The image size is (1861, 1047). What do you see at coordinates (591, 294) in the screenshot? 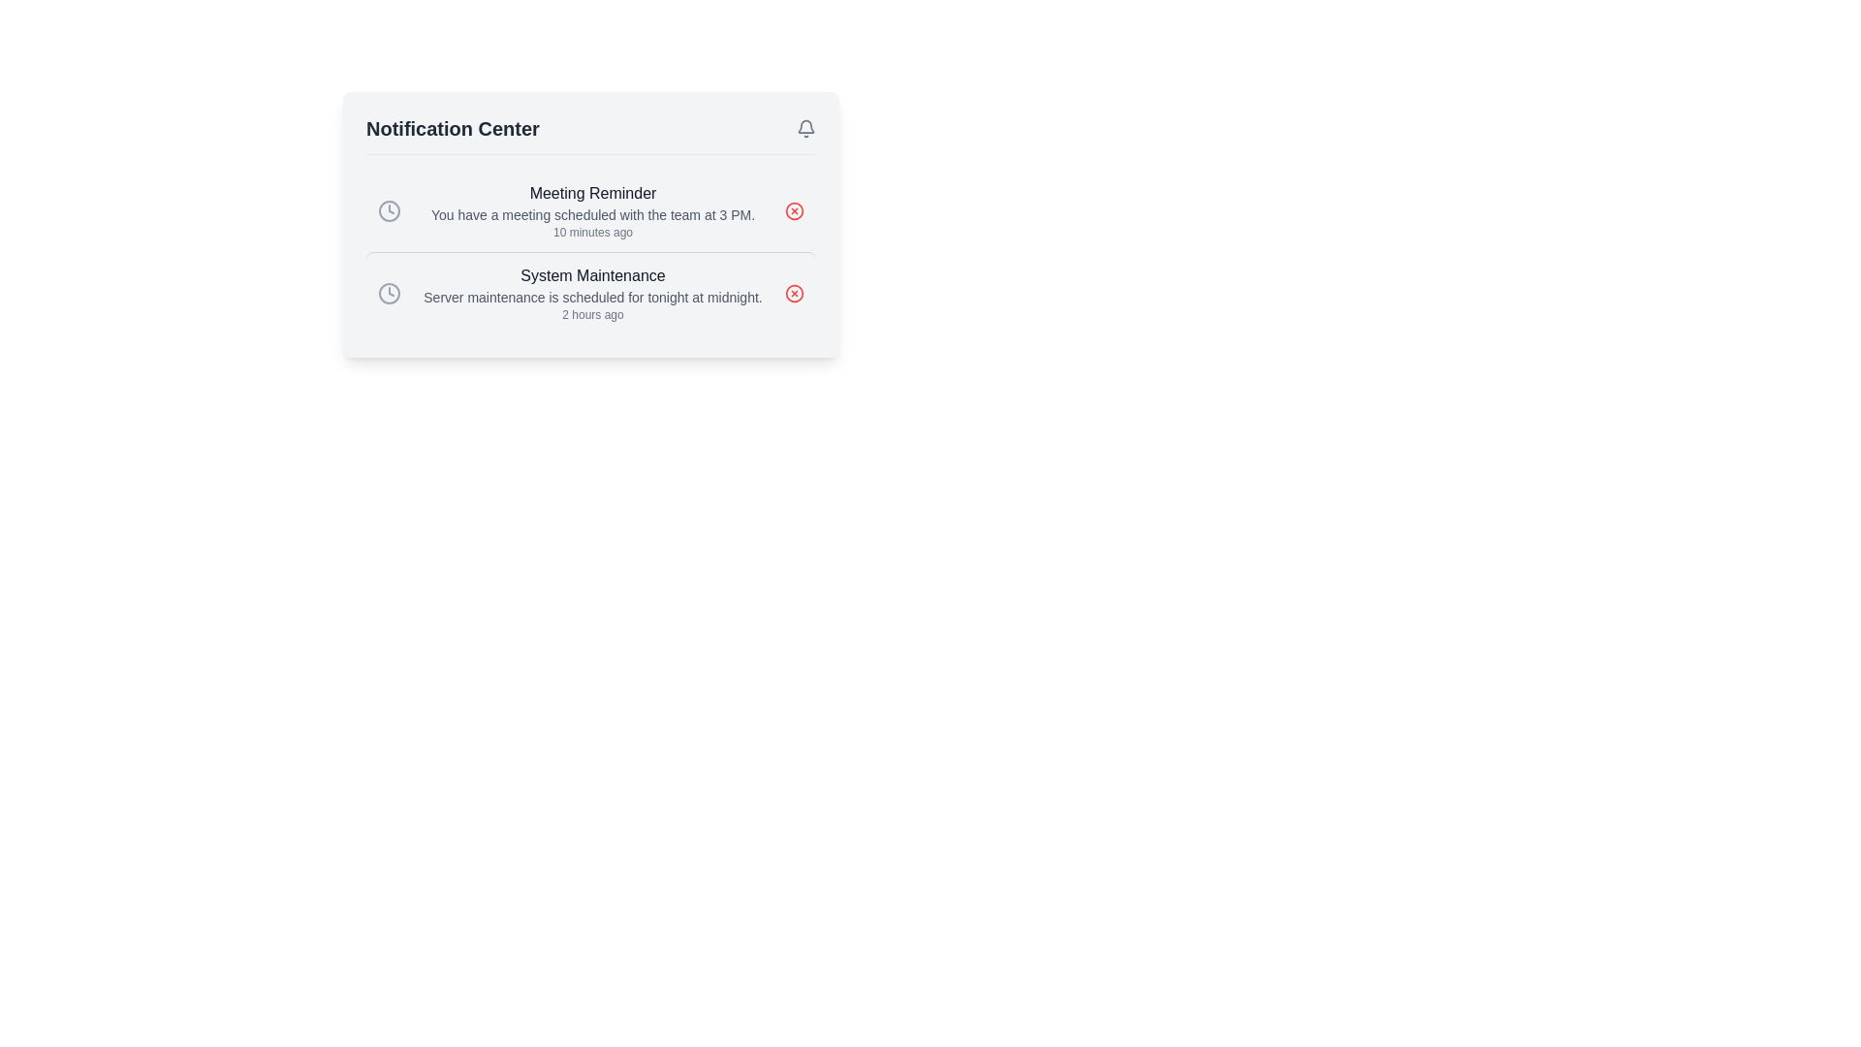
I see `information displayed in the Informational Text Block titled 'System Maintenance', which contains the description about server maintenance and the timestamp` at bounding box center [591, 294].